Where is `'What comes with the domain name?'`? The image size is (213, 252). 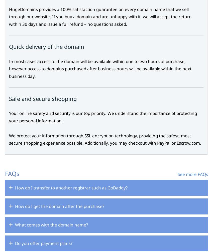
'What comes with the domain name?' is located at coordinates (51, 224).